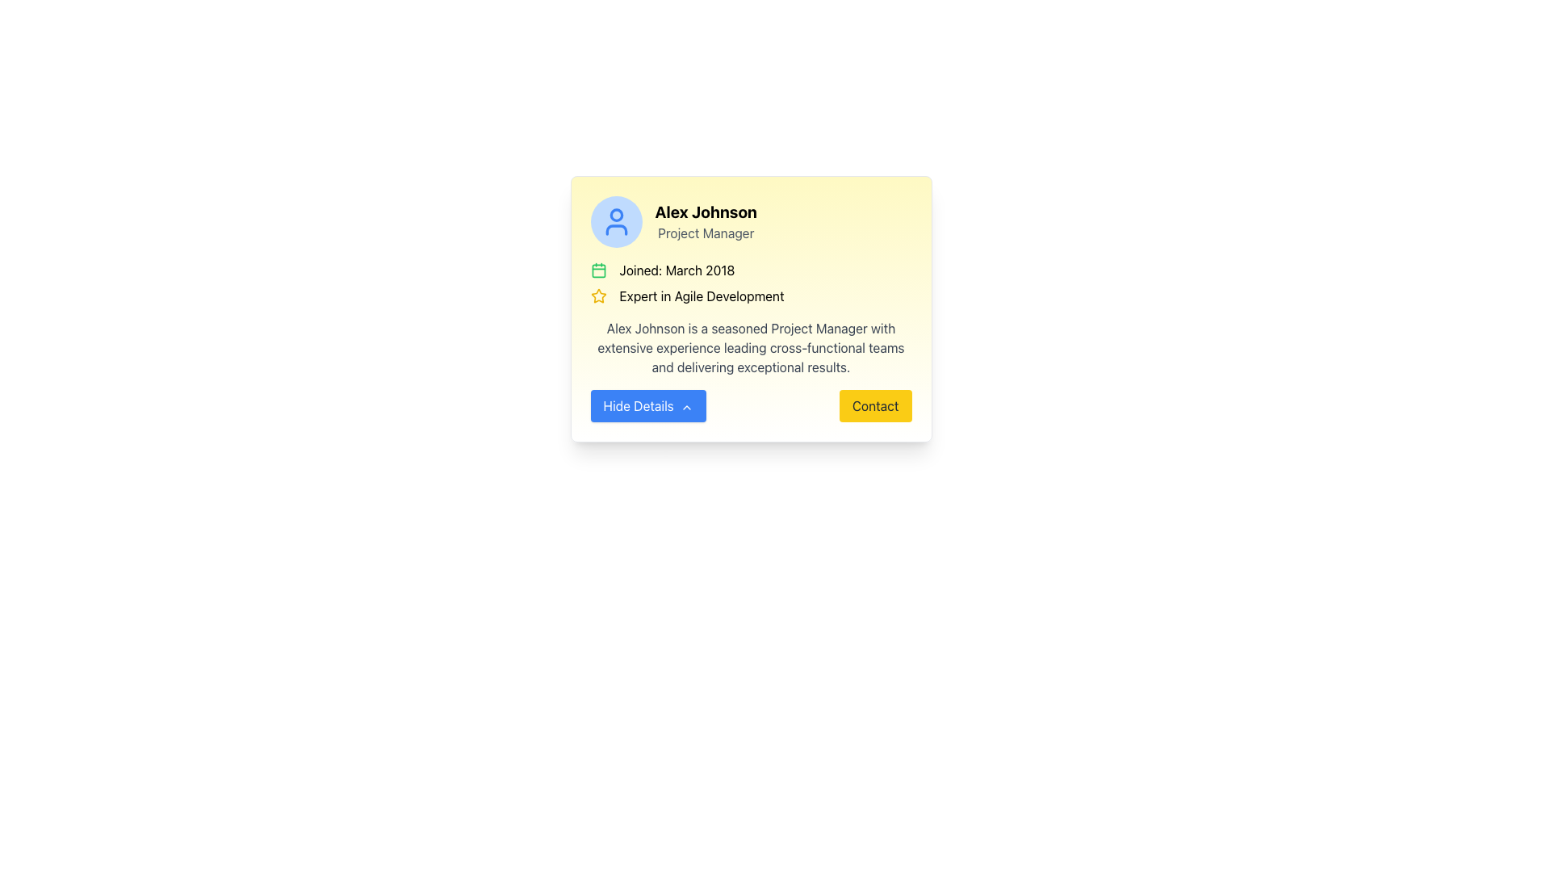  Describe the element at coordinates (686, 406) in the screenshot. I see `the upward-facing chevron arrow icon located to the right of the 'Hide Details' button text to hide details` at that location.